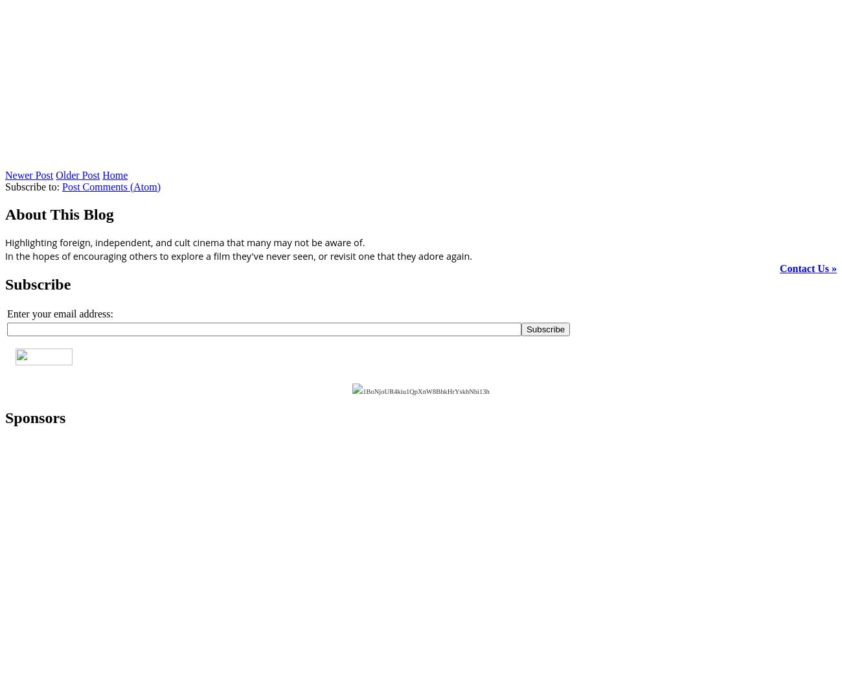 This screenshot has height=677, width=842. What do you see at coordinates (5, 242) in the screenshot?
I see `'Highlighting foreign, independent, and cult cinema that many may not be aware of.'` at bounding box center [5, 242].